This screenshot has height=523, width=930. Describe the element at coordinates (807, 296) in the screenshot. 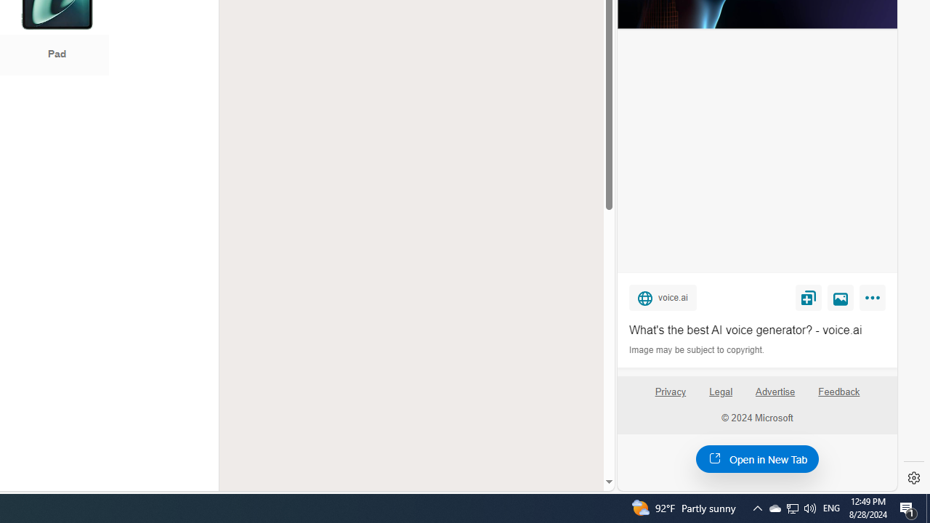

I see `'Save'` at that location.